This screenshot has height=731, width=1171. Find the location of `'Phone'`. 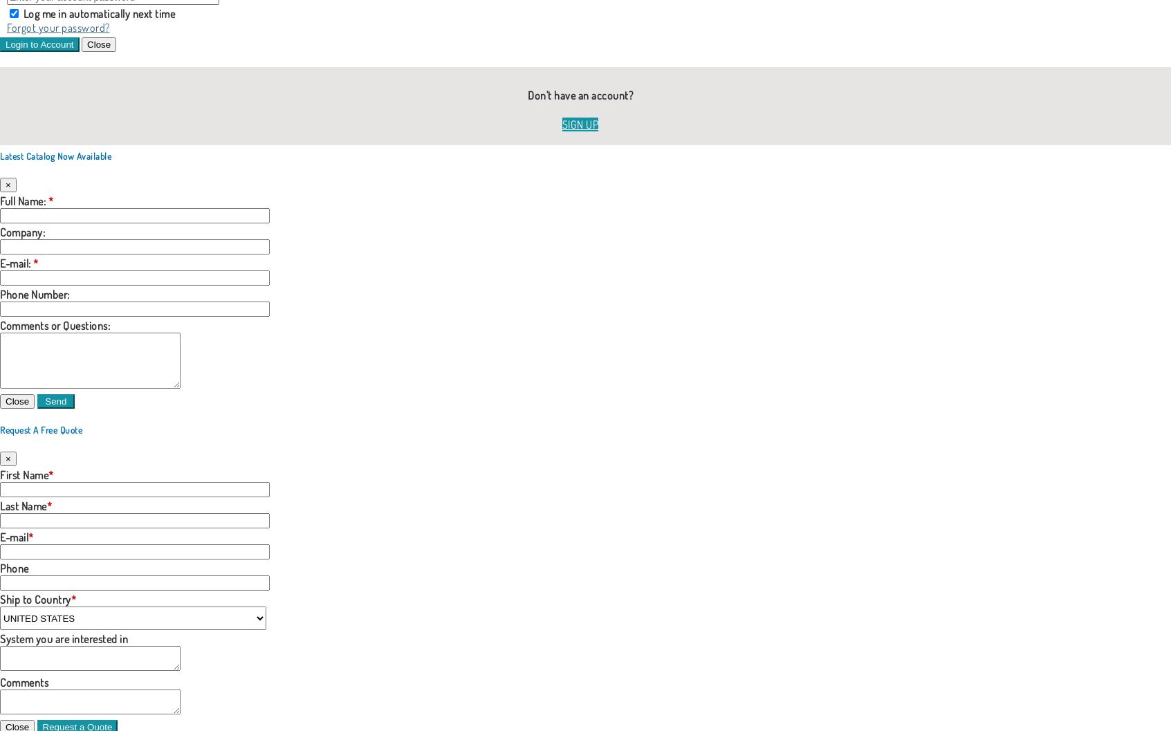

'Phone' is located at coordinates (13, 568).